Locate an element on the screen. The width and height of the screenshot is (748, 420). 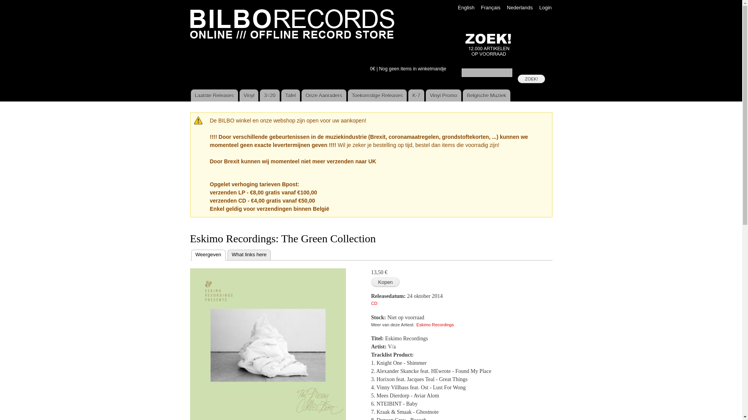
'Tafel' is located at coordinates (290, 95).